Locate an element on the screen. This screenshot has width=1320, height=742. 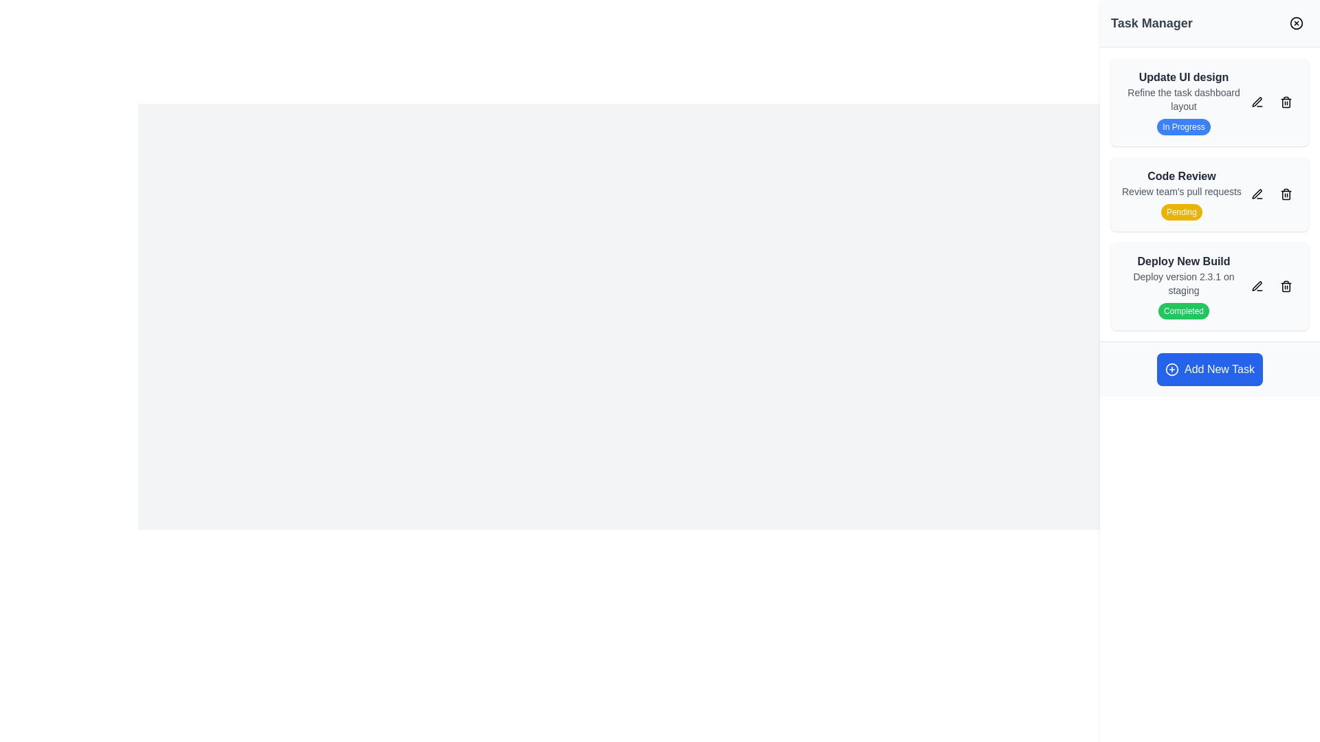
the pen icon button, which is a small rounded rectangular button with a black stroke and white fill icon is located at coordinates (1257, 194).